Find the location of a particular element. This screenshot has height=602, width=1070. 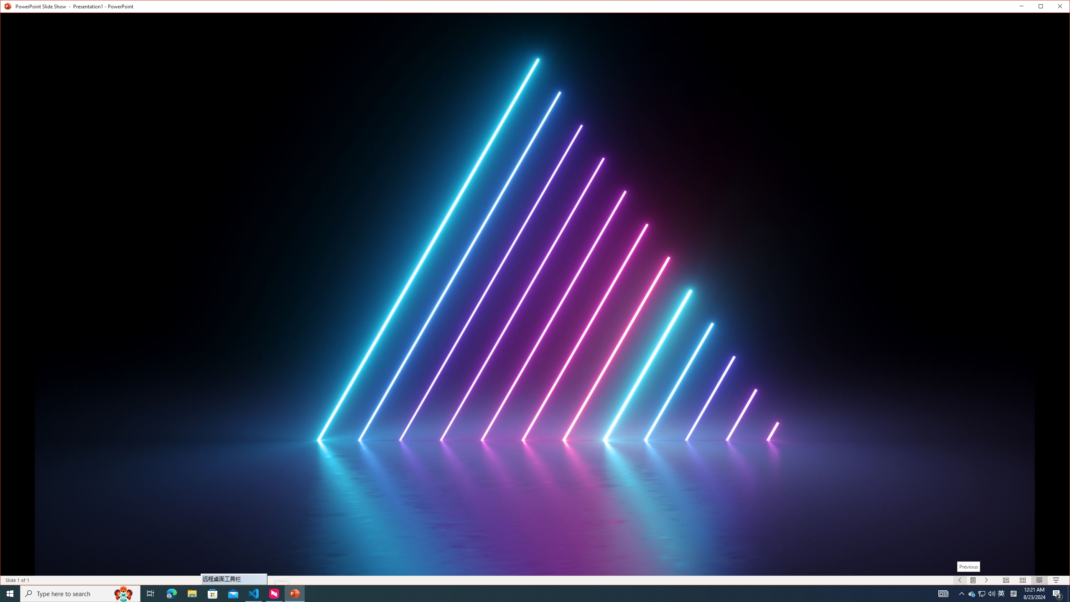

'AutomationID: 4105' is located at coordinates (943, 593).